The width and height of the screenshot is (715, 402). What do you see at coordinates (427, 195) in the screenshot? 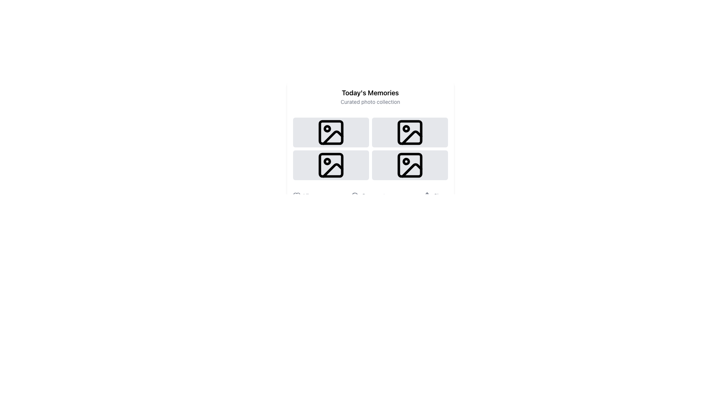
I see `the 'share' SVG icon located in the lower-right area of the context, which is positioned to the left of the text labeled 'Share'` at bounding box center [427, 195].